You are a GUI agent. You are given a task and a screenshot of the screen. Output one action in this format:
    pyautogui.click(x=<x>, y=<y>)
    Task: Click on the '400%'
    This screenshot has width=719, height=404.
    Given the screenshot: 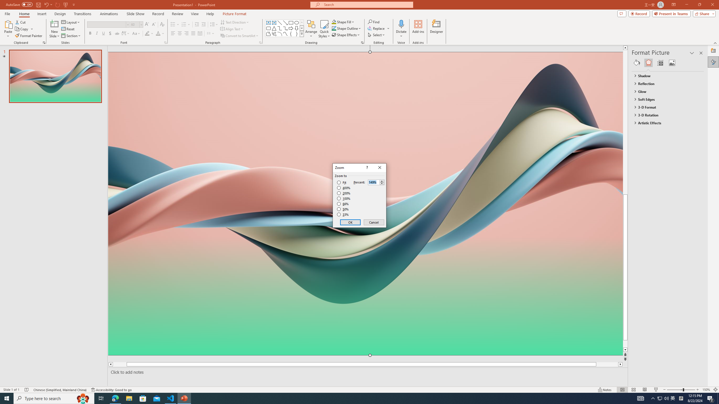 What is the action you would take?
    pyautogui.click(x=343, y=188)
    